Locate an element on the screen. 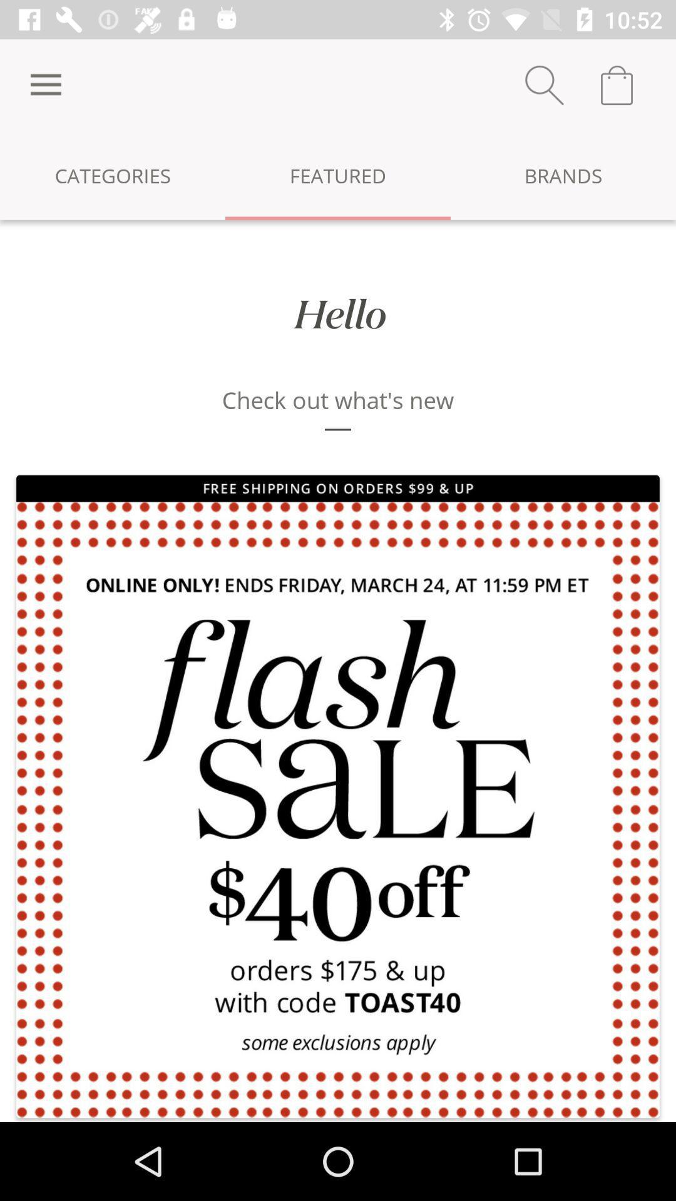  serce is located at coordinates (544, 84).